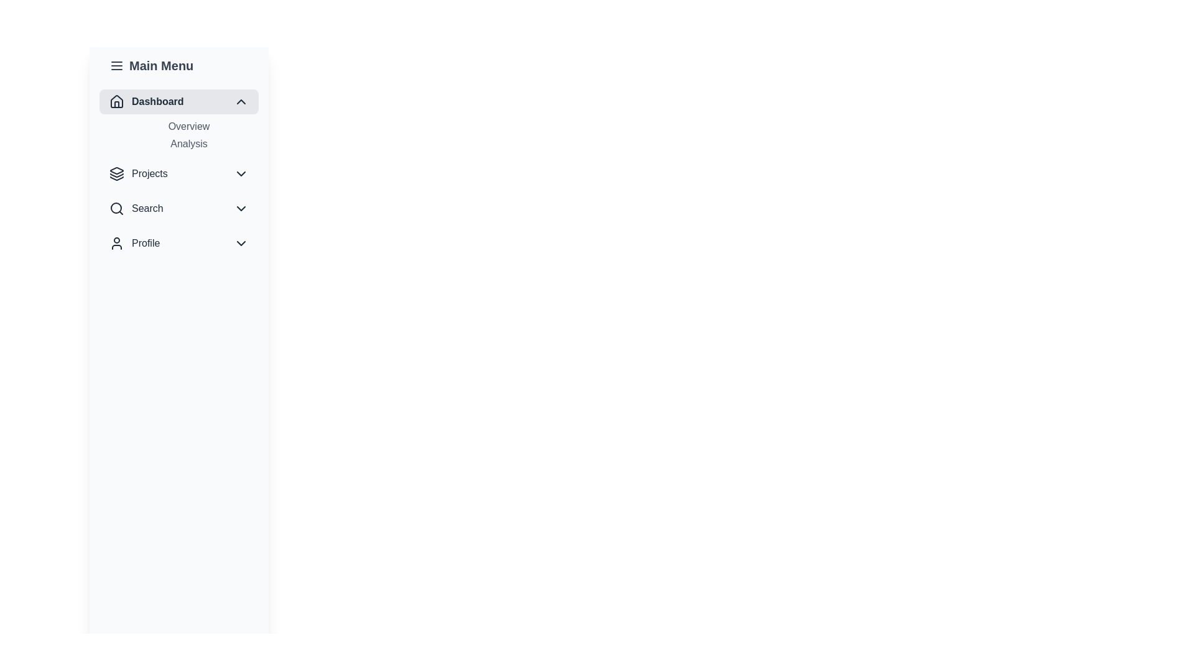 The width and height of the screenshot is (1194, 671). Describe the element at coordinates (116, 244) in the screenshot. I see `the user profile icon located in the navigation sidebar, situated beneath 'Projects' and 'Search', directly preceding the text 'Profile'` at that location.